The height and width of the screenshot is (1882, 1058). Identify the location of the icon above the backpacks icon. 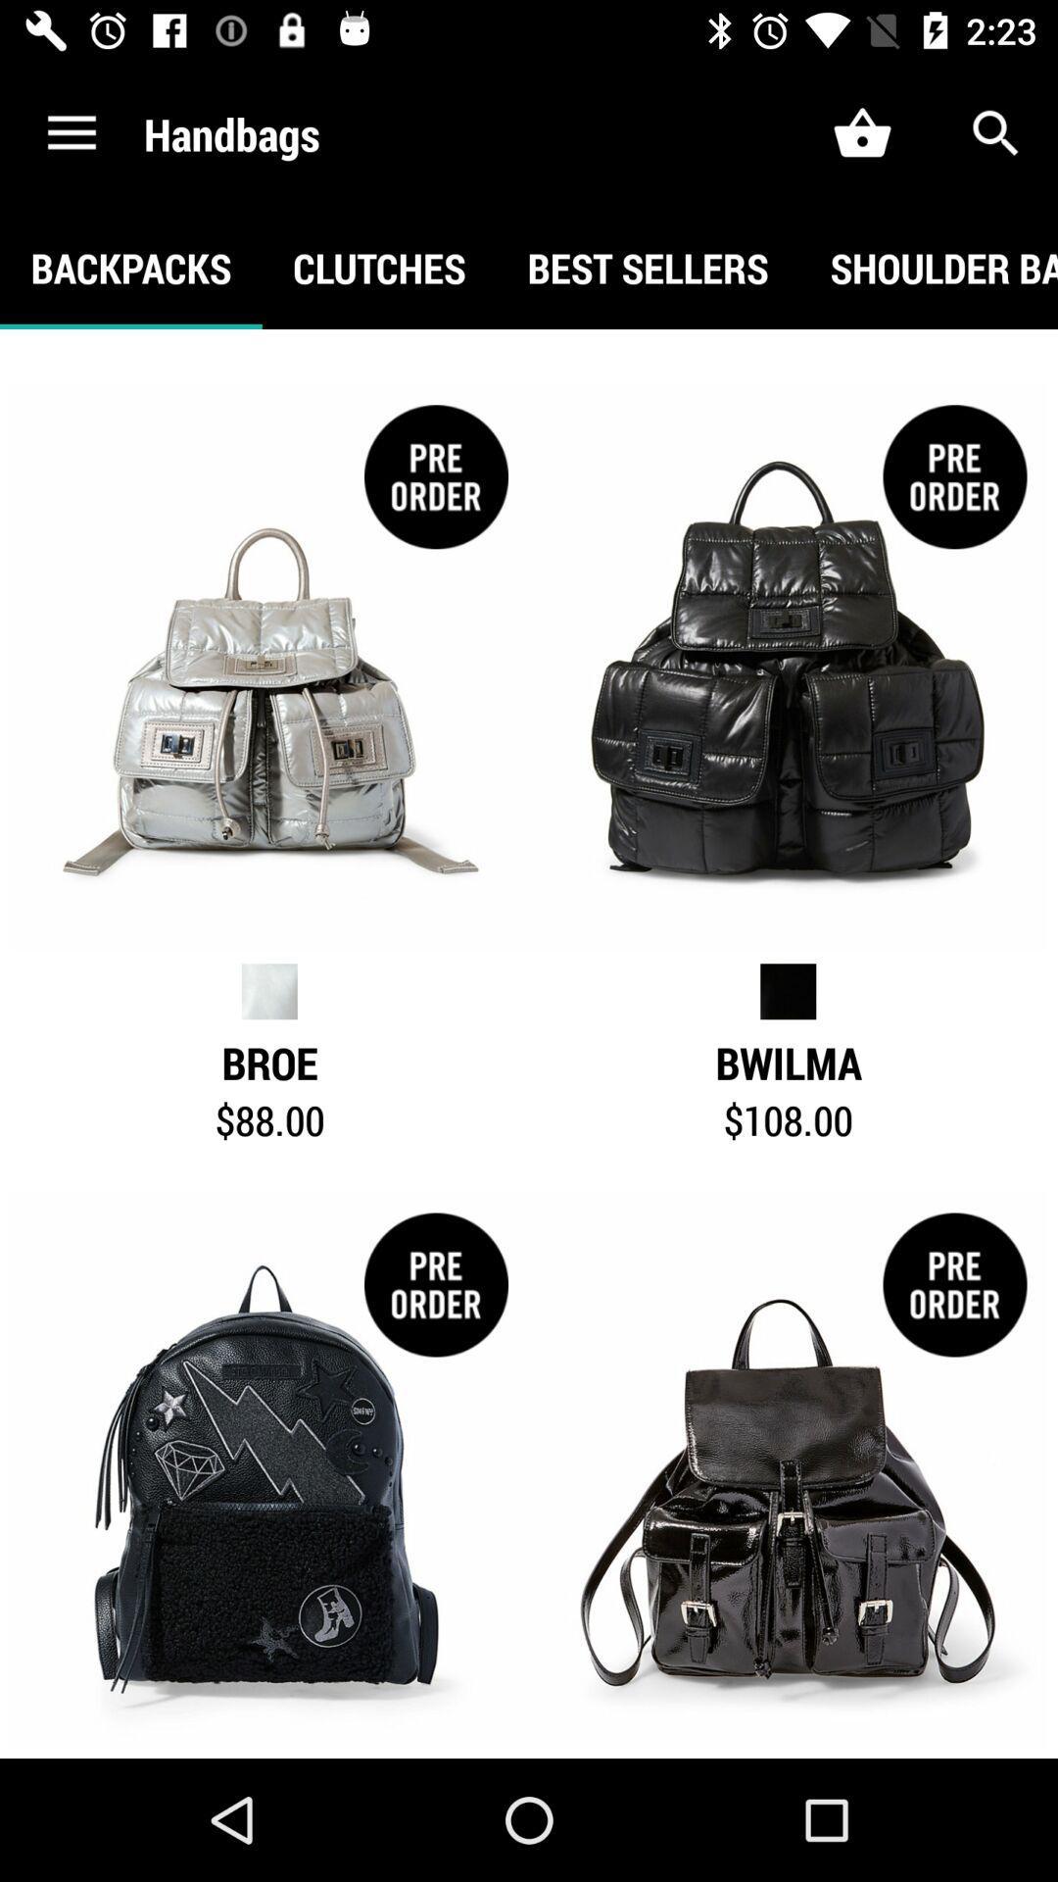
(71, 132).